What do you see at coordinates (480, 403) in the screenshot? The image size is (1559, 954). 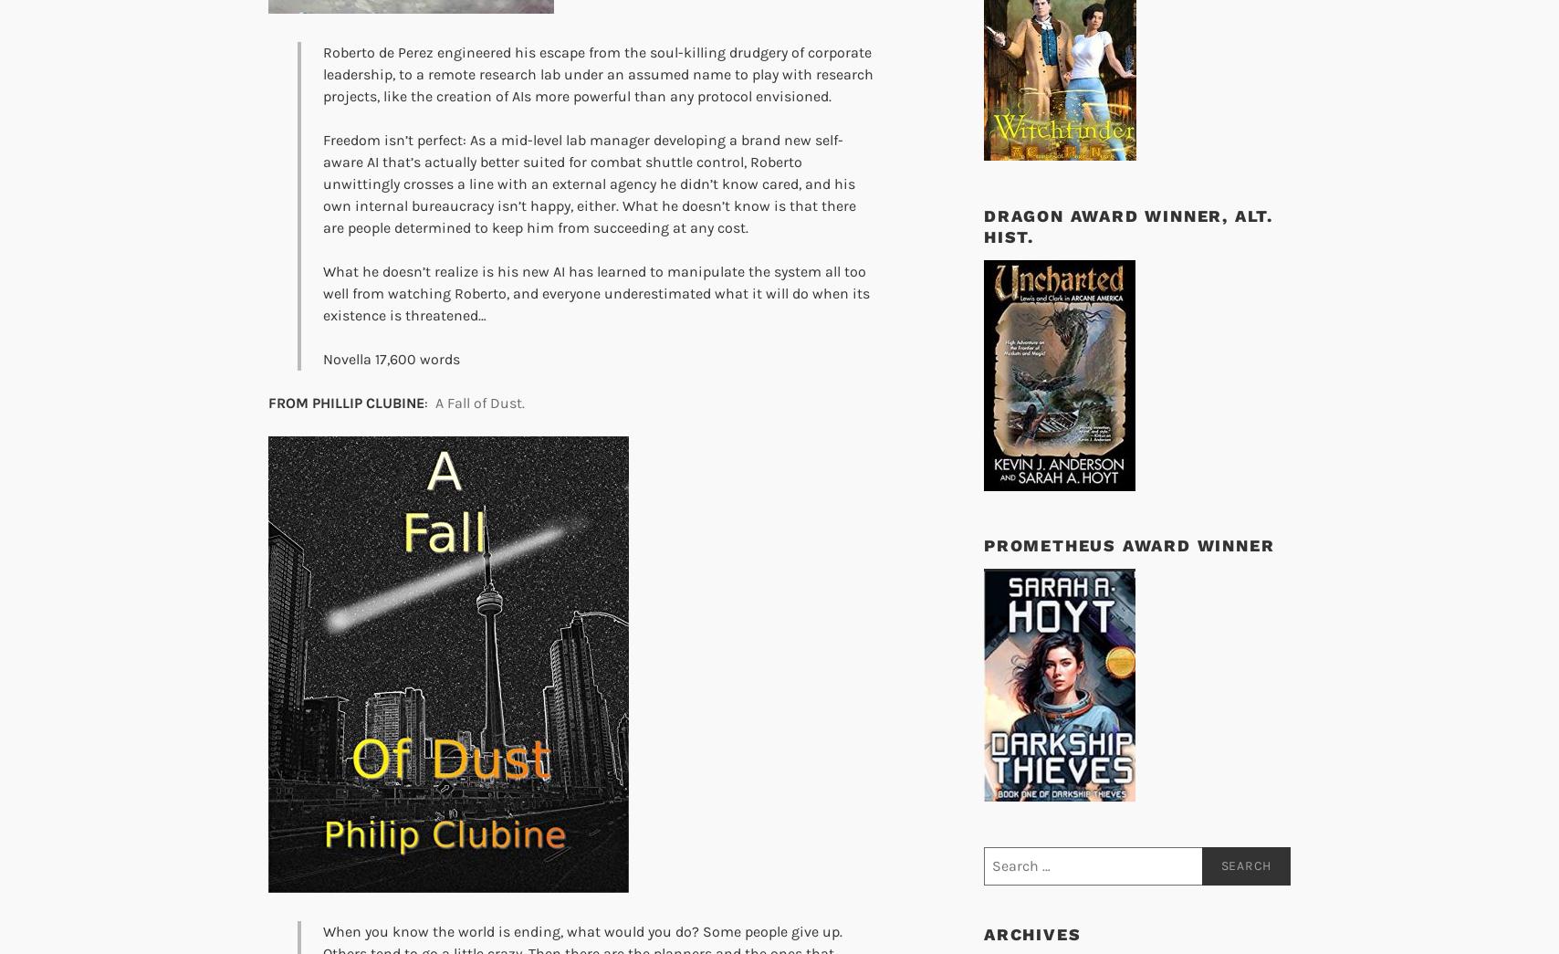 I see `'A Fall of Dust.'` at bounding box center [480, 403].